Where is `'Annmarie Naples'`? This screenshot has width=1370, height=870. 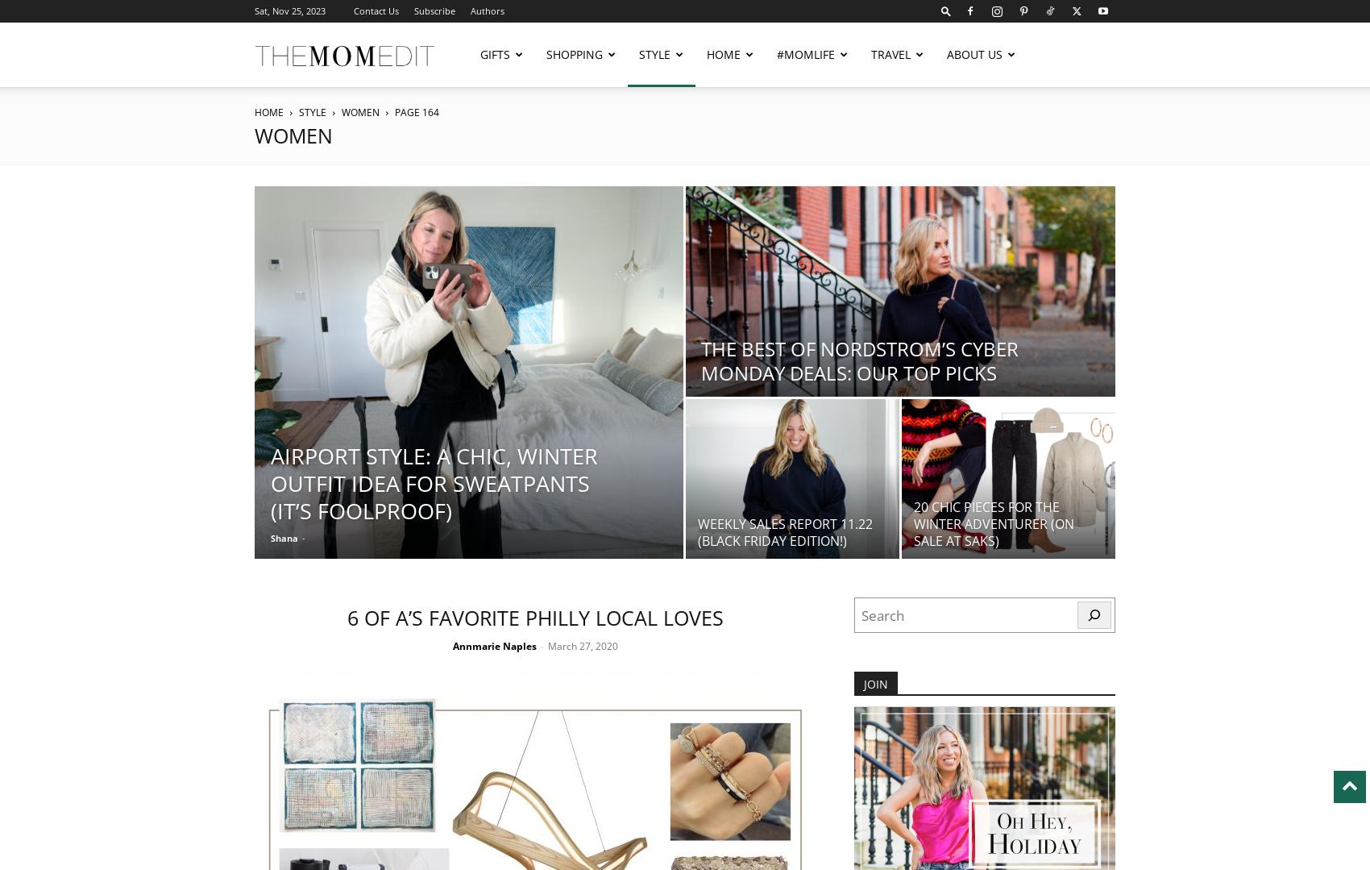 'Annmarie Naples' is located at coordinates (493, 645).